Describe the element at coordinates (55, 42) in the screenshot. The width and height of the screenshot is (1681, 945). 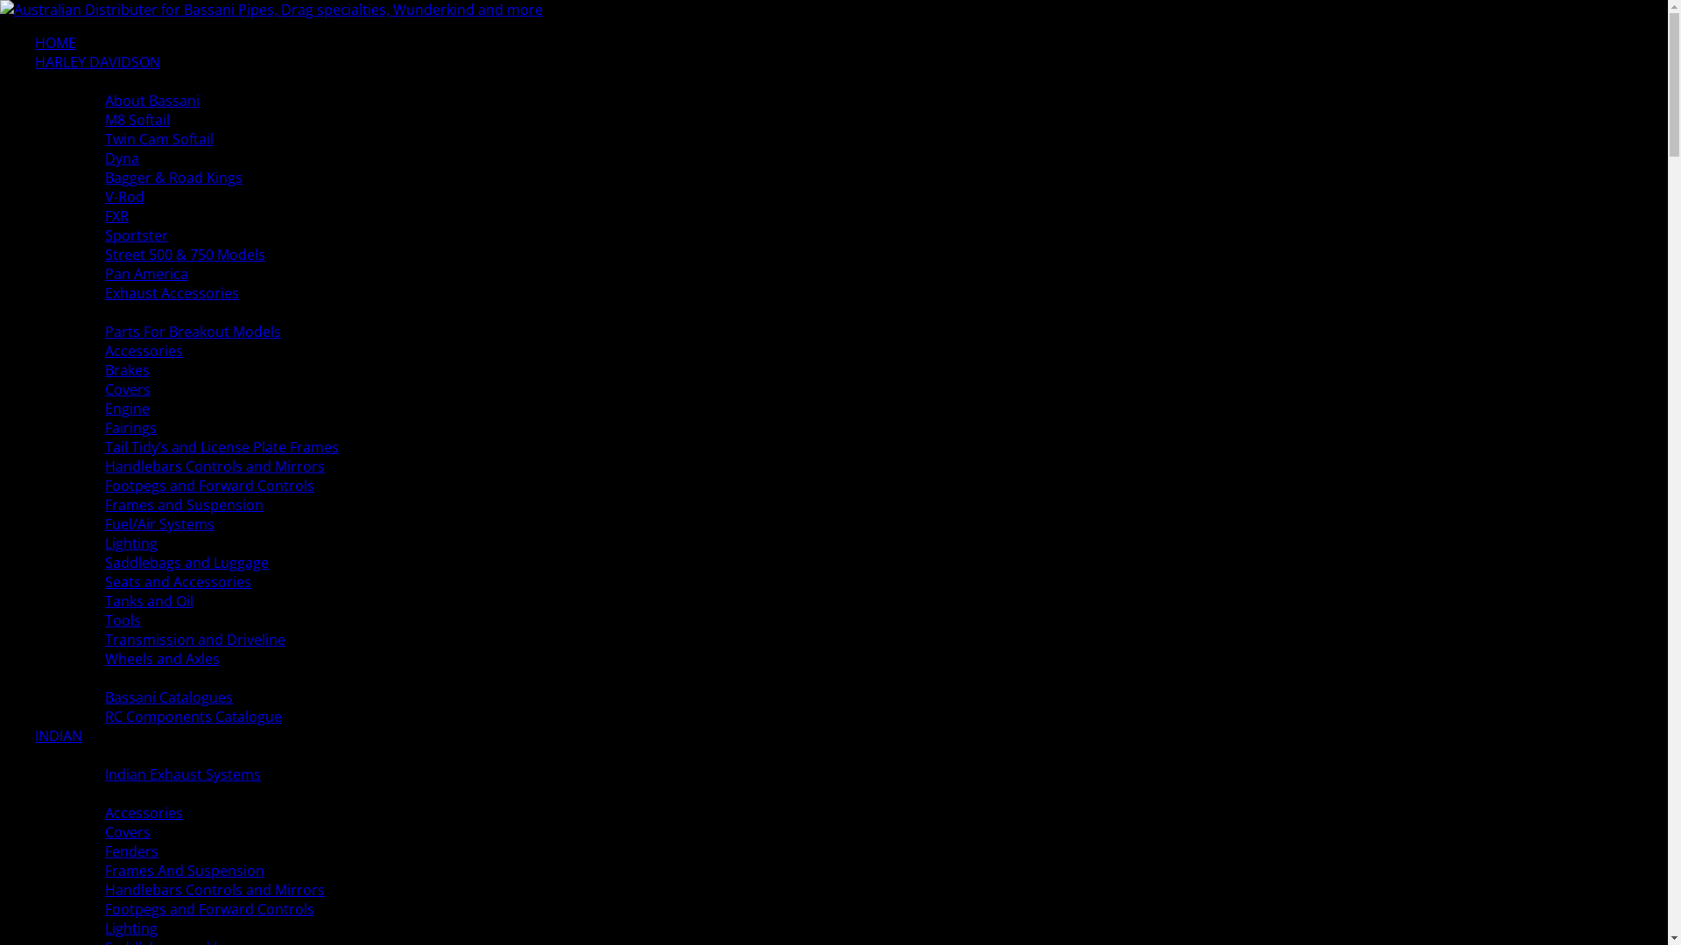
I see `'HOME'` at that location.